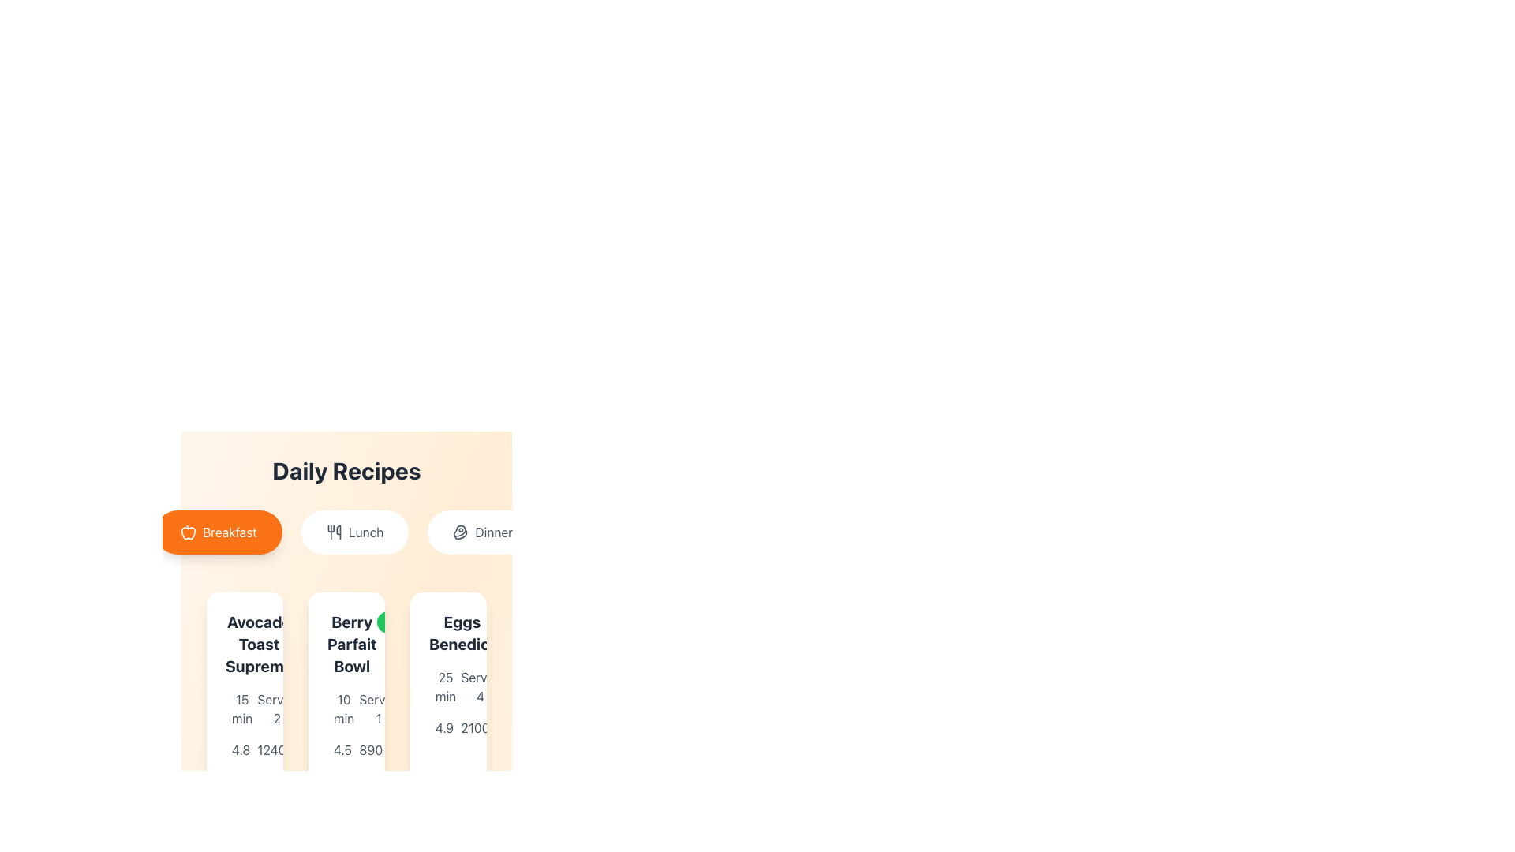 The height and width of the screenshot is (852, 1515). What do you see at coordinates (234, 750) in the screenshot?
I see `the star rating icon located beneath the 'Avocado Toast Supreme' recipe card in the 'Daily Recipes' section` at bounding box center [234, 750].